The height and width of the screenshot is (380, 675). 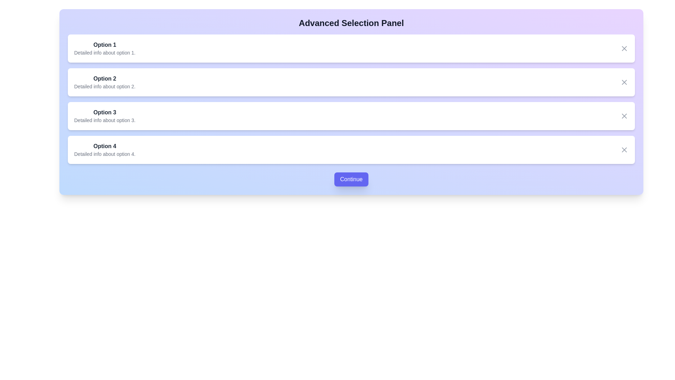 What do you see at coordinates (104, 82) in the screenshot?
I see `the informational block related to 'Option 2', which is the second card in a vertical list of four cards` at bounding box center [104, 82].